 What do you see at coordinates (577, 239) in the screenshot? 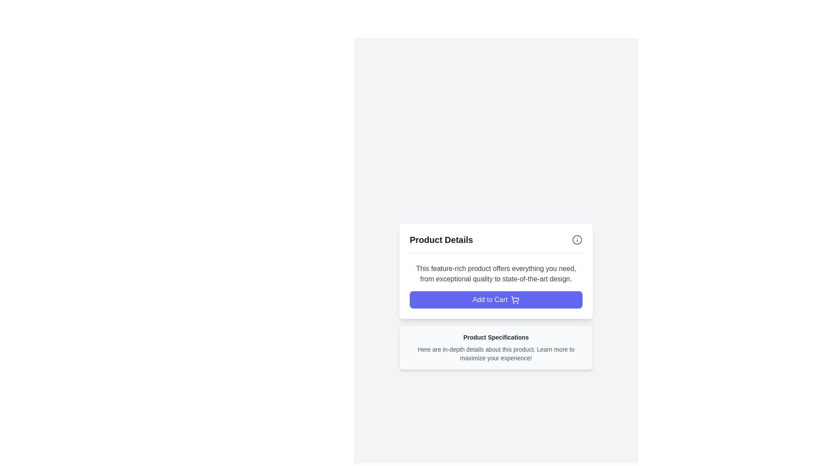
I see `the circular information icon with an 'i' symbol located to the far right of the 'Product Details' heading` at bounding box center [577, 239].